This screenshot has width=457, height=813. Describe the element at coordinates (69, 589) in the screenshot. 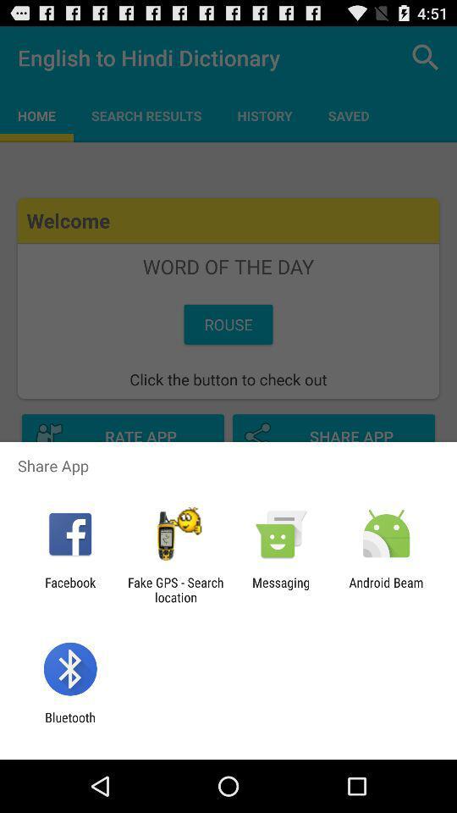

I see `the facebook icon` at that location.